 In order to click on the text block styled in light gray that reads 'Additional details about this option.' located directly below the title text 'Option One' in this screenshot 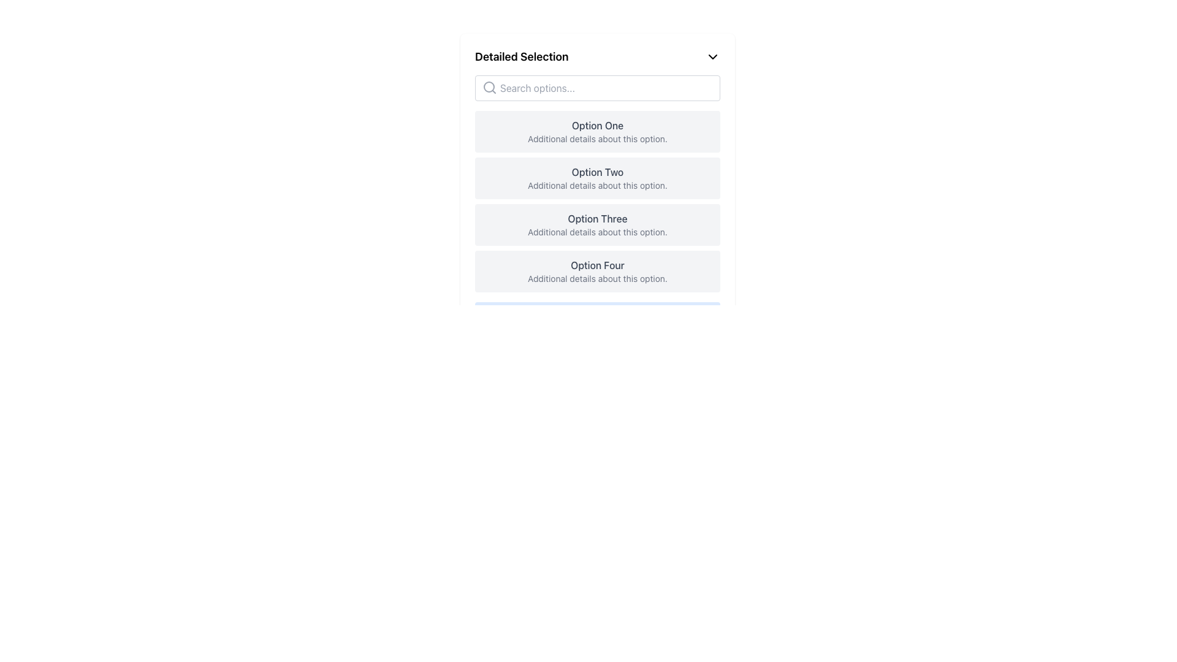, I will do `click(597, 139)`.